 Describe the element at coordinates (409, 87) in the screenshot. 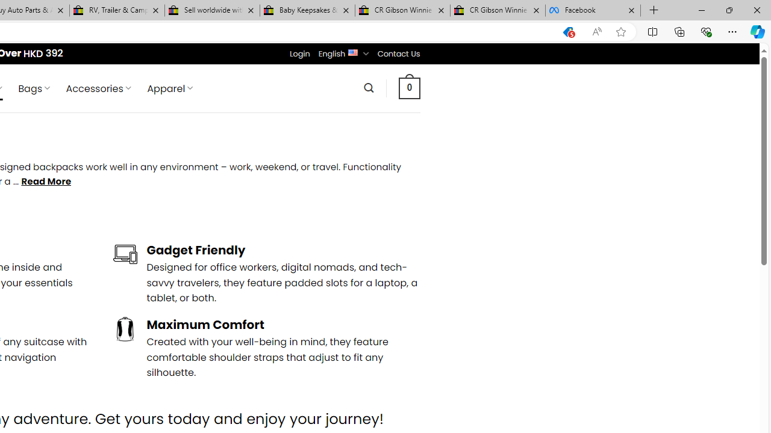

I see `'  0  '` at that location.